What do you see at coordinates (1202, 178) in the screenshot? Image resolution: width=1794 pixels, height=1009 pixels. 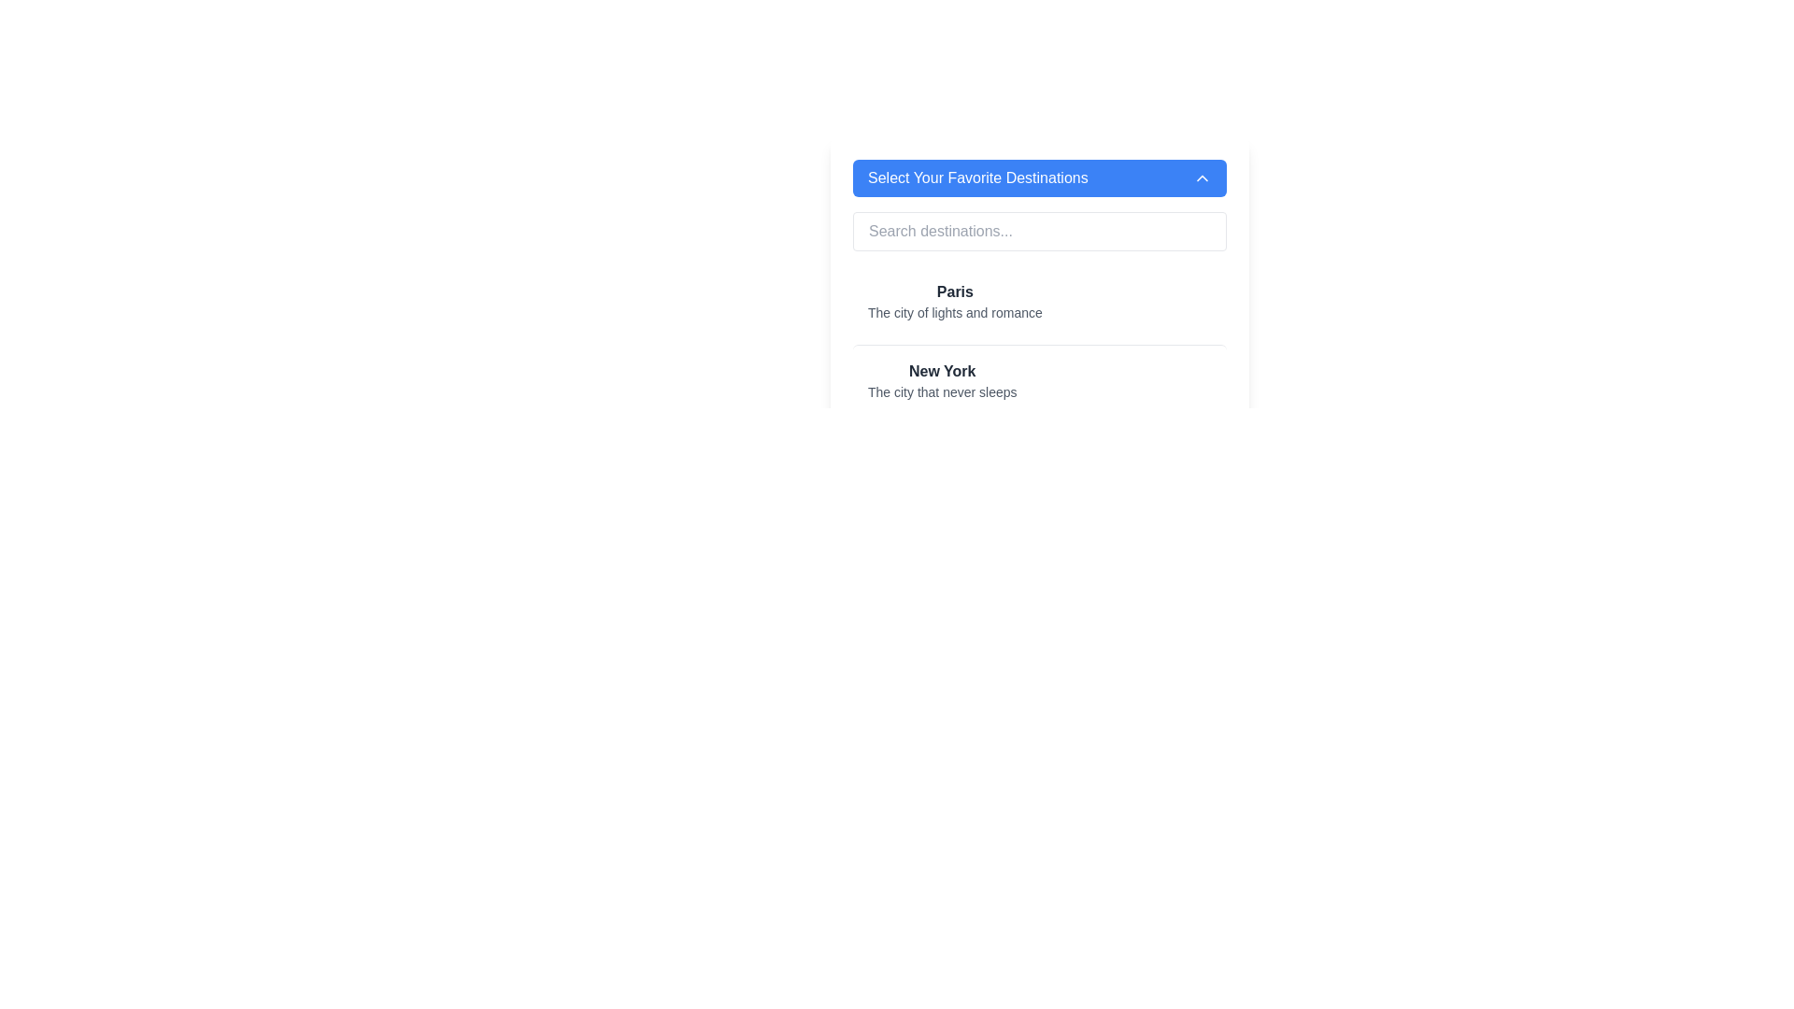 I see `the toggle icon located on the far right side of the blue bar header, adjacent to the text 'Select Your Favorite Destinations'` at bounding box center [1202, 178].